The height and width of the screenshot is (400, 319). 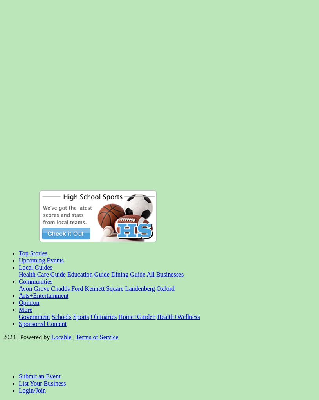 What do you see at coordinates (18, 309) in the screenshot?
I see `'More'` at bounding box center [18, 309].